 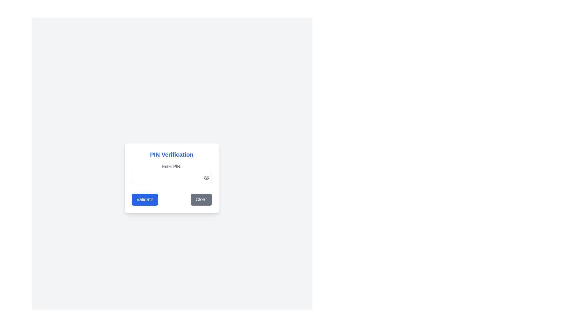 What do you see at coordinates (206, 177) in the screenshot?
I see `the toggle visibility button (eye icon) located at the top-right corner of the input box` at bounding box center [206, 177].